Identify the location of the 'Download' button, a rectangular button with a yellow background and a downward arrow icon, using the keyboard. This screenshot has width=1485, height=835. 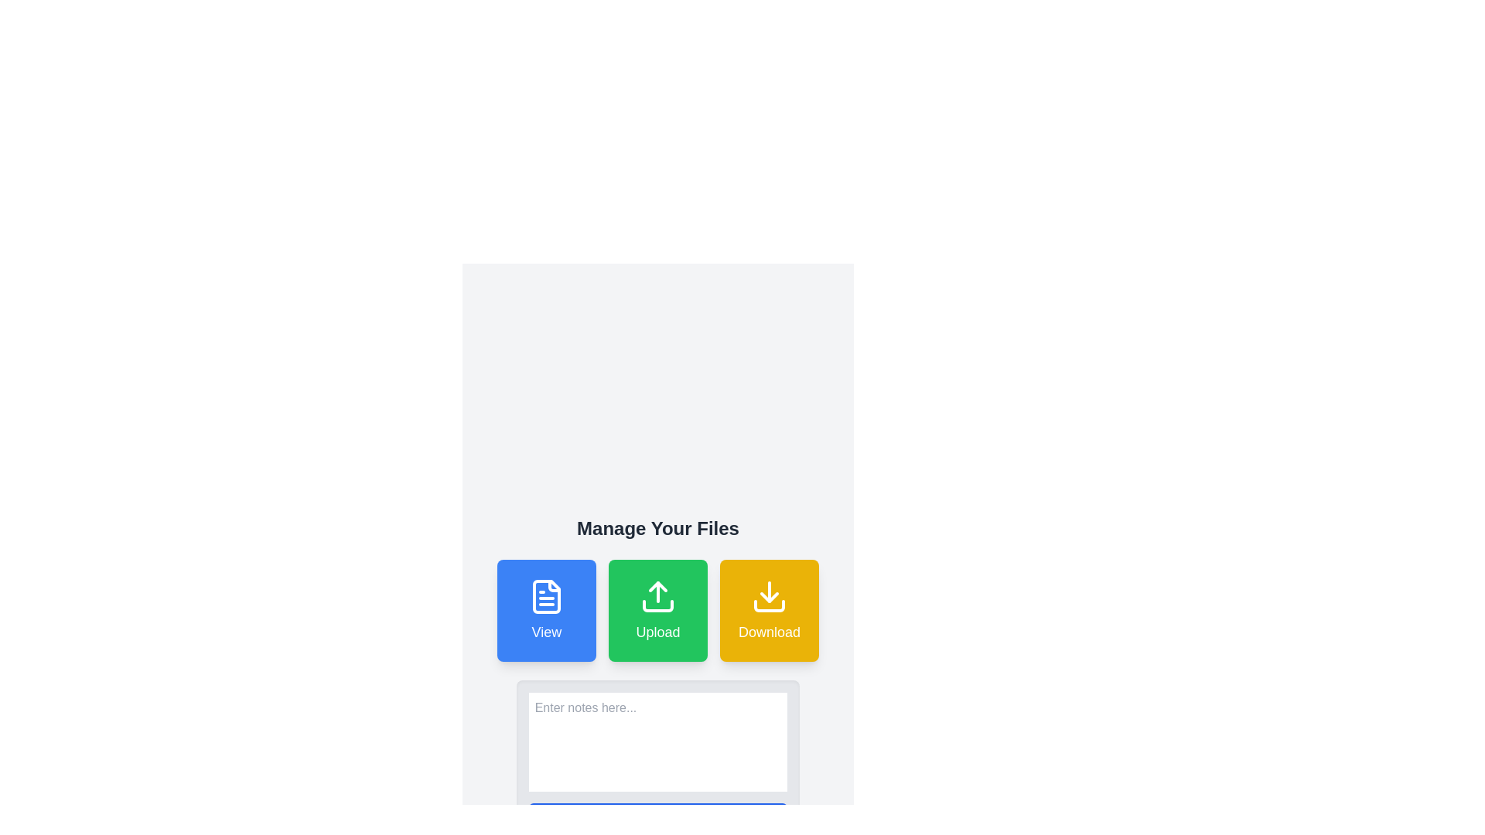
(770, 609).